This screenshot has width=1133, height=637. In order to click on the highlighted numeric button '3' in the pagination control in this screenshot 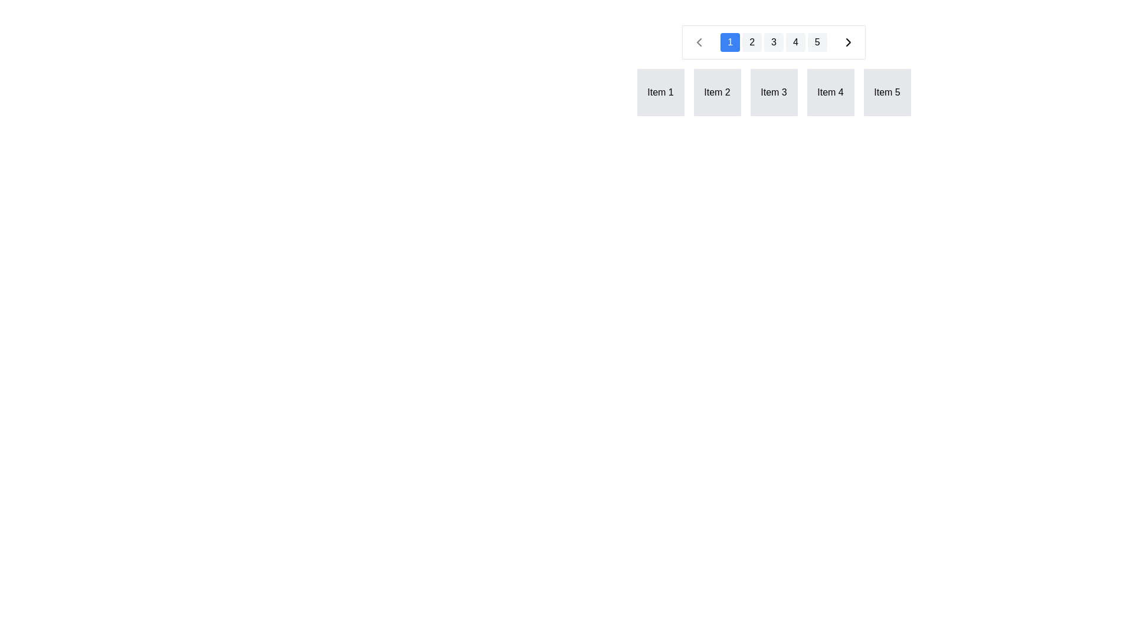, I will do `click(774, 42)`.